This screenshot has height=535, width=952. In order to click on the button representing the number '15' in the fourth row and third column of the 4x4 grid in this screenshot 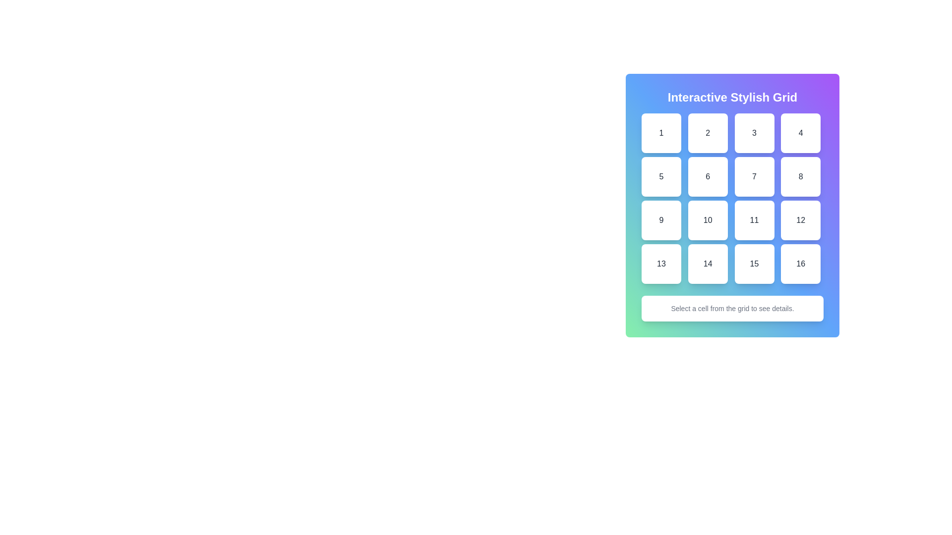, I will do `click(754, 263)`.